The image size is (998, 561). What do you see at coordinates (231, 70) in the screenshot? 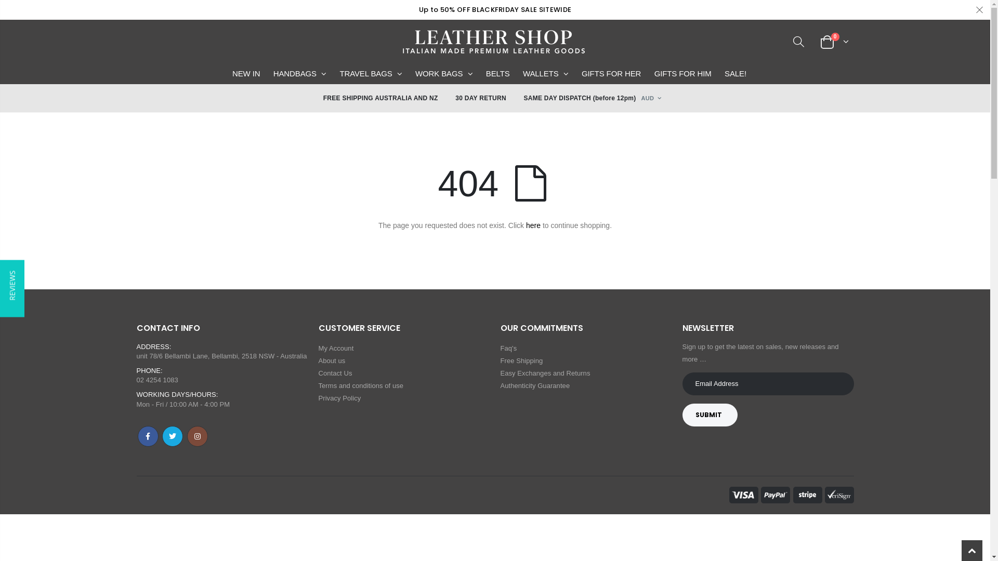
I see `'NEW IN'` at bounding box center [231, 70].